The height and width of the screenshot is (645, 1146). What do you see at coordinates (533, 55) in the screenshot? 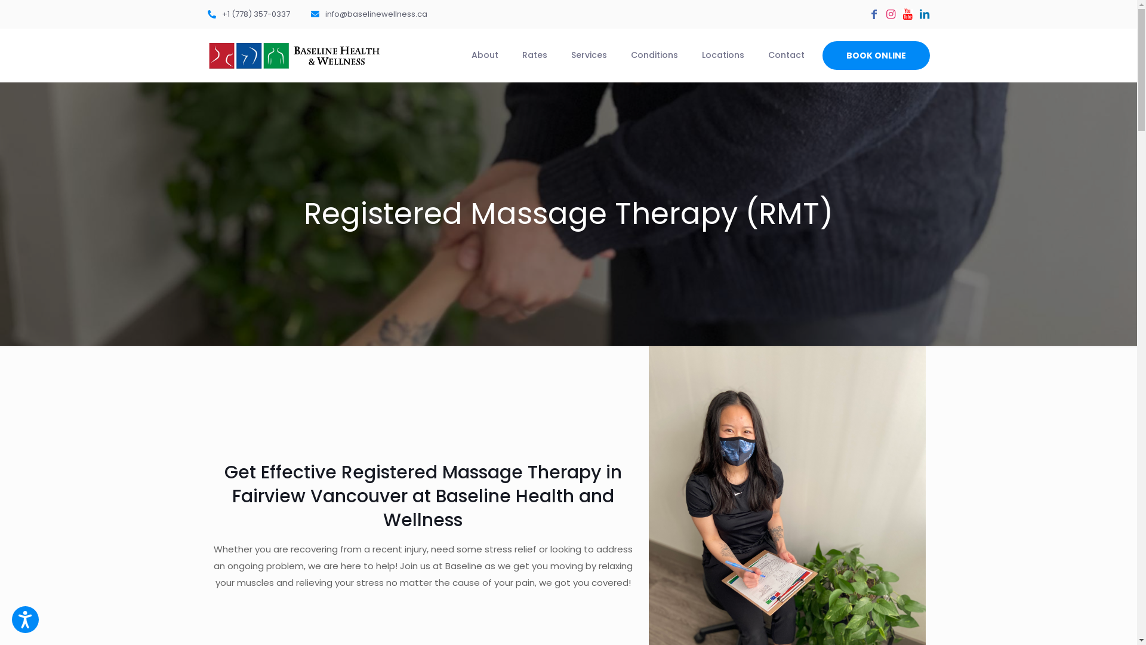
I see `'Rates'` at bounding box center [533, 55].